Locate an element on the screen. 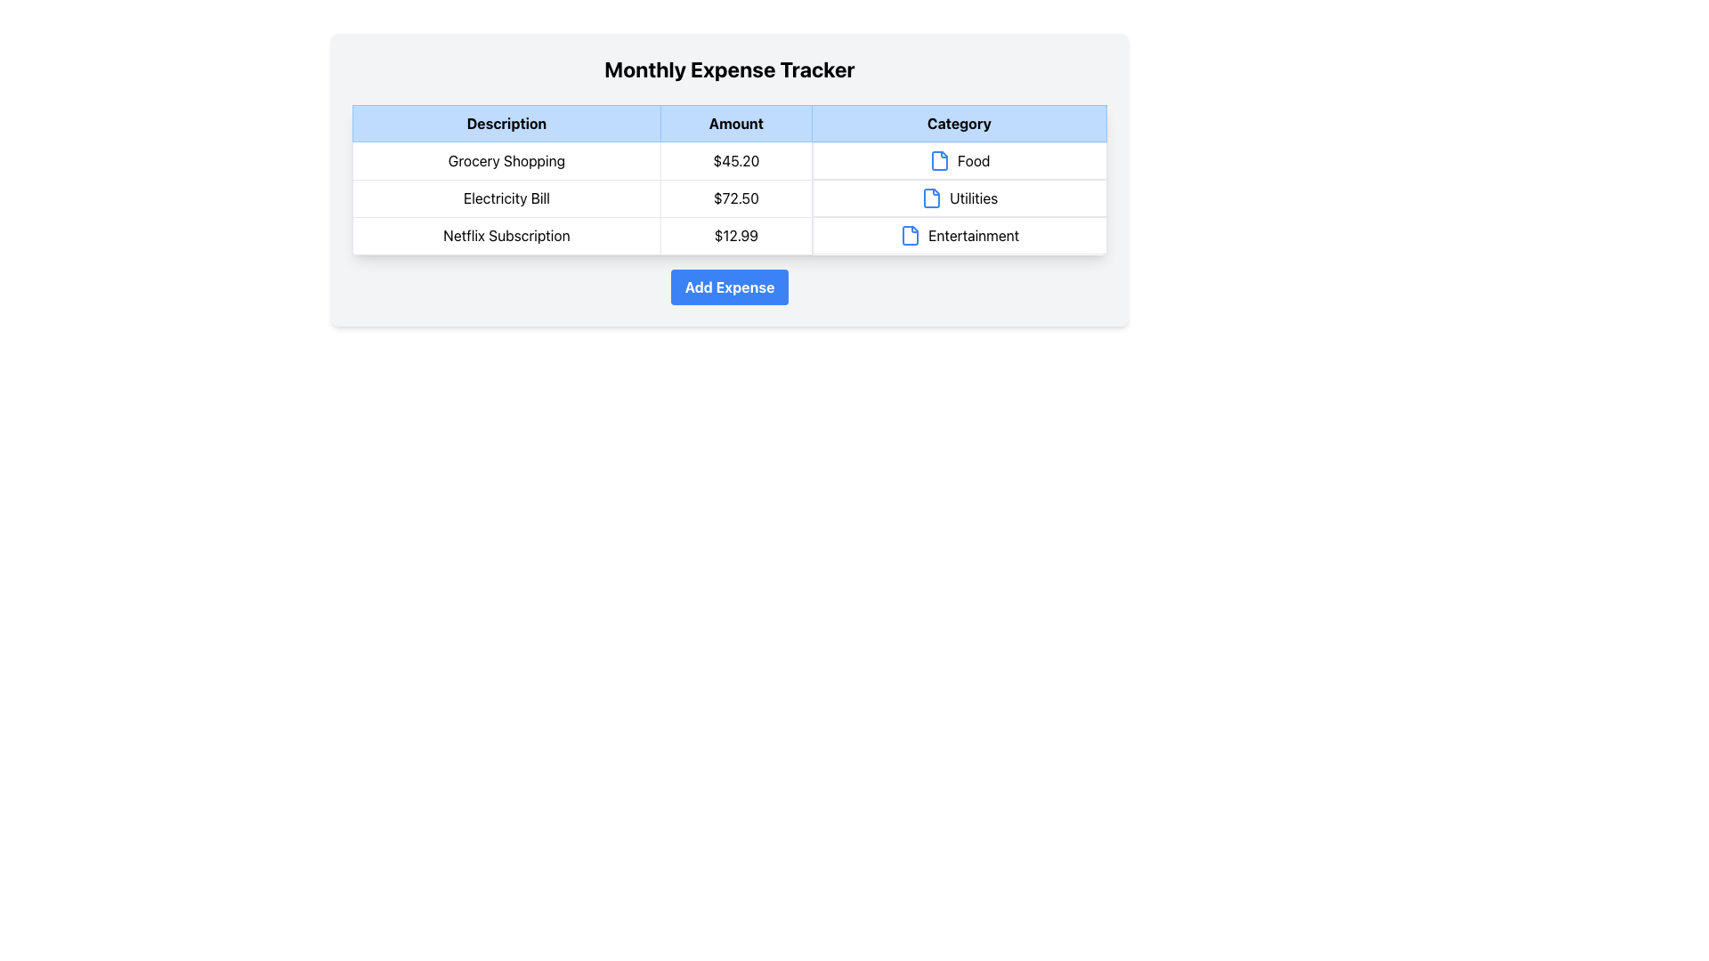  the text label displaying 'Entertainment' with a document icon, located in the third row of the 'Category' column in the 'Monthly Expense Tracker' table is located at coordinates (959, 235).